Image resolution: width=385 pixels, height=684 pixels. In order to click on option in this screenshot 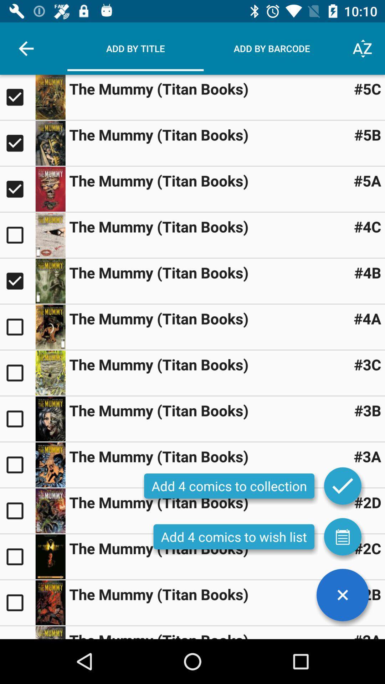, I will do `click(17, 602)`.